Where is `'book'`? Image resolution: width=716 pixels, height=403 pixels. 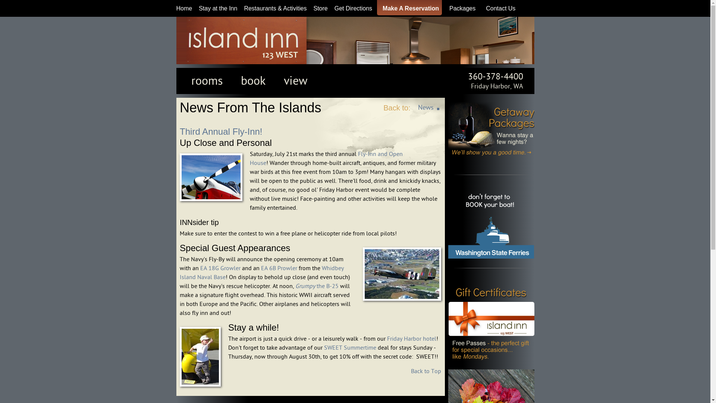
'book' is located at coordinates (253, 81).